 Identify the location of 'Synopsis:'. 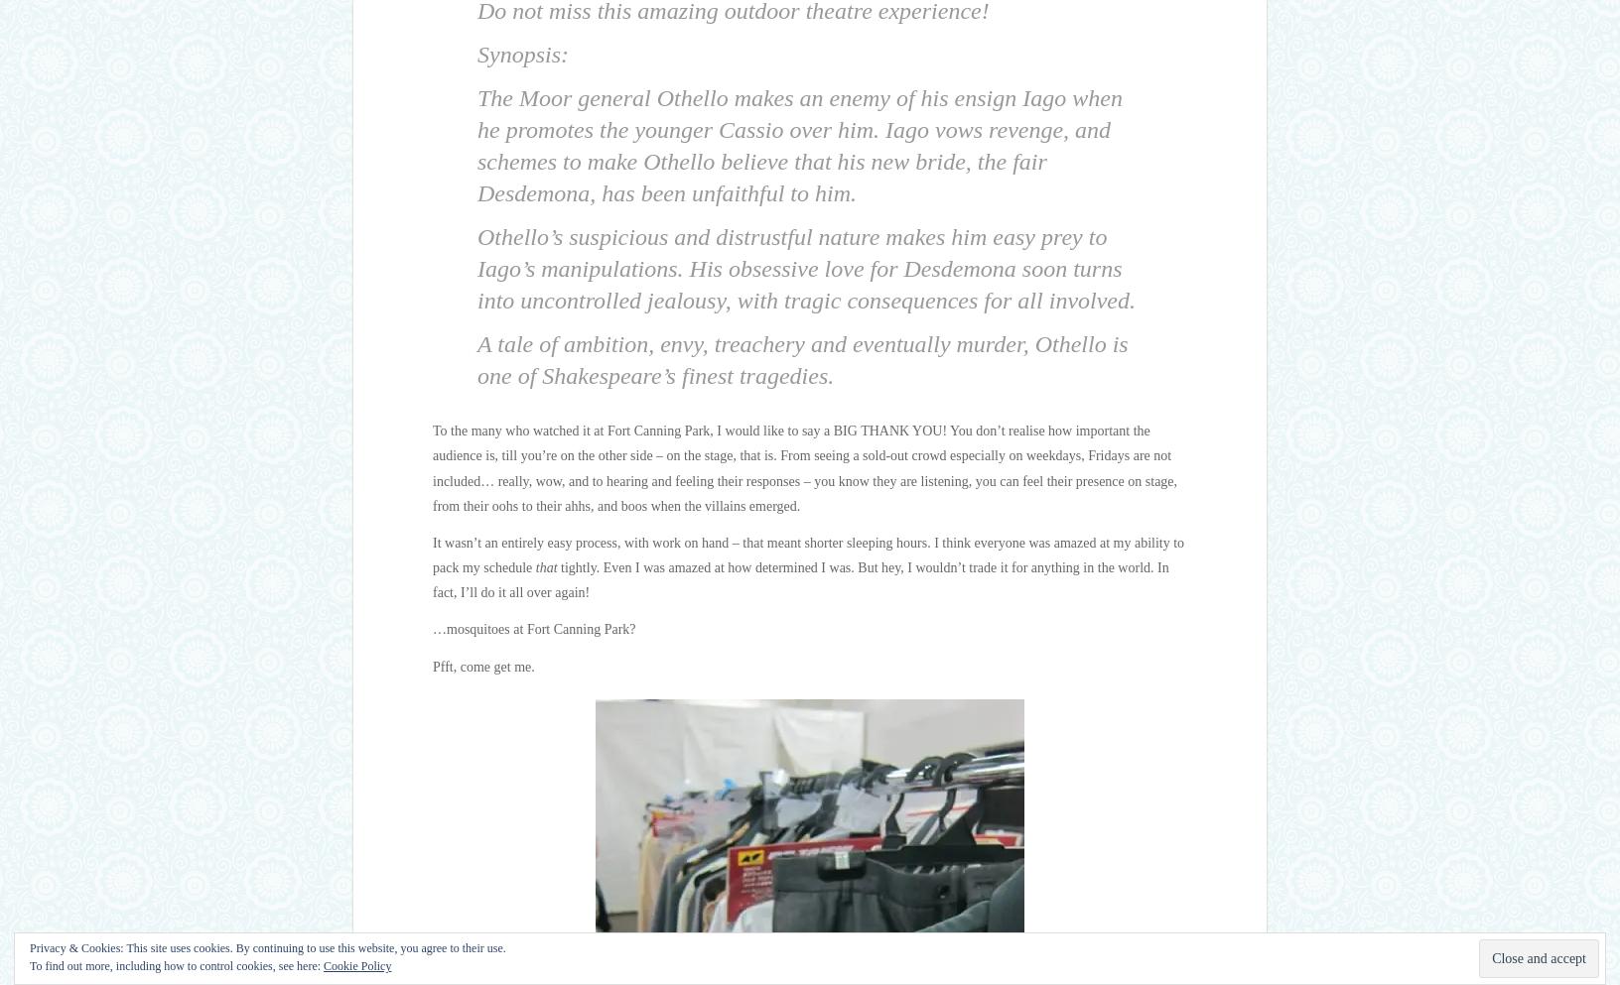
(522, 55).